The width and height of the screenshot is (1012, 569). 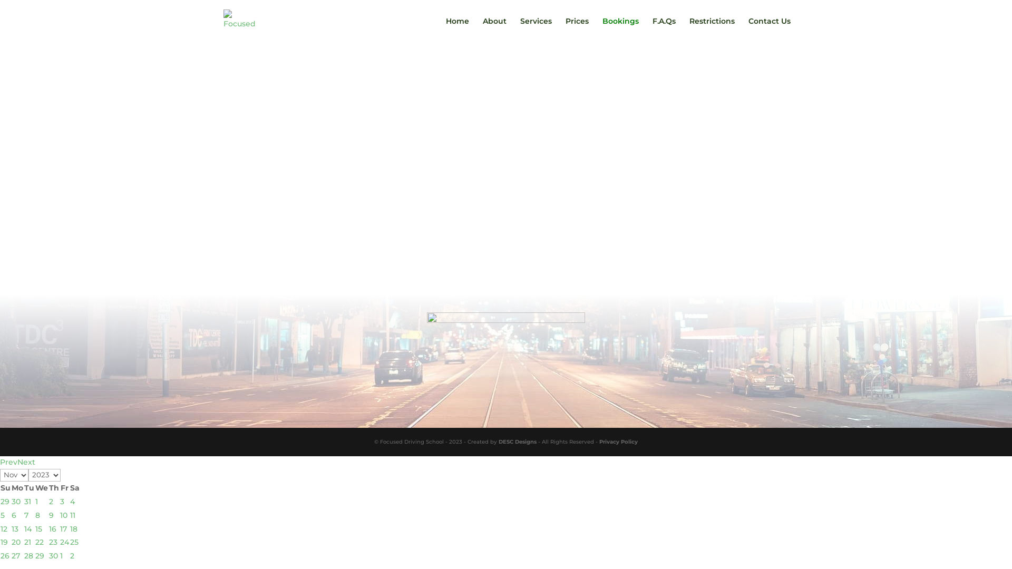 What do you see at coordinates (63, 528) in the screenshot?
I see `'17'` at bounding box center [63, 528].